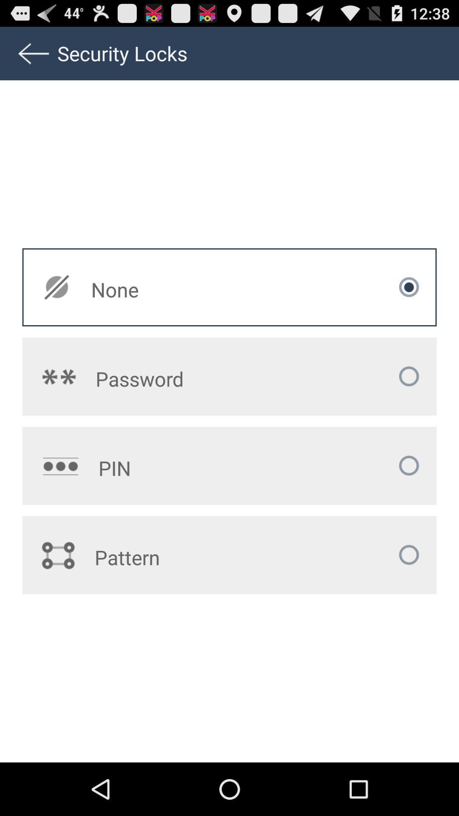 The image size is (459, 816). I want to click on pattern at the bottom, so click(178, 557).